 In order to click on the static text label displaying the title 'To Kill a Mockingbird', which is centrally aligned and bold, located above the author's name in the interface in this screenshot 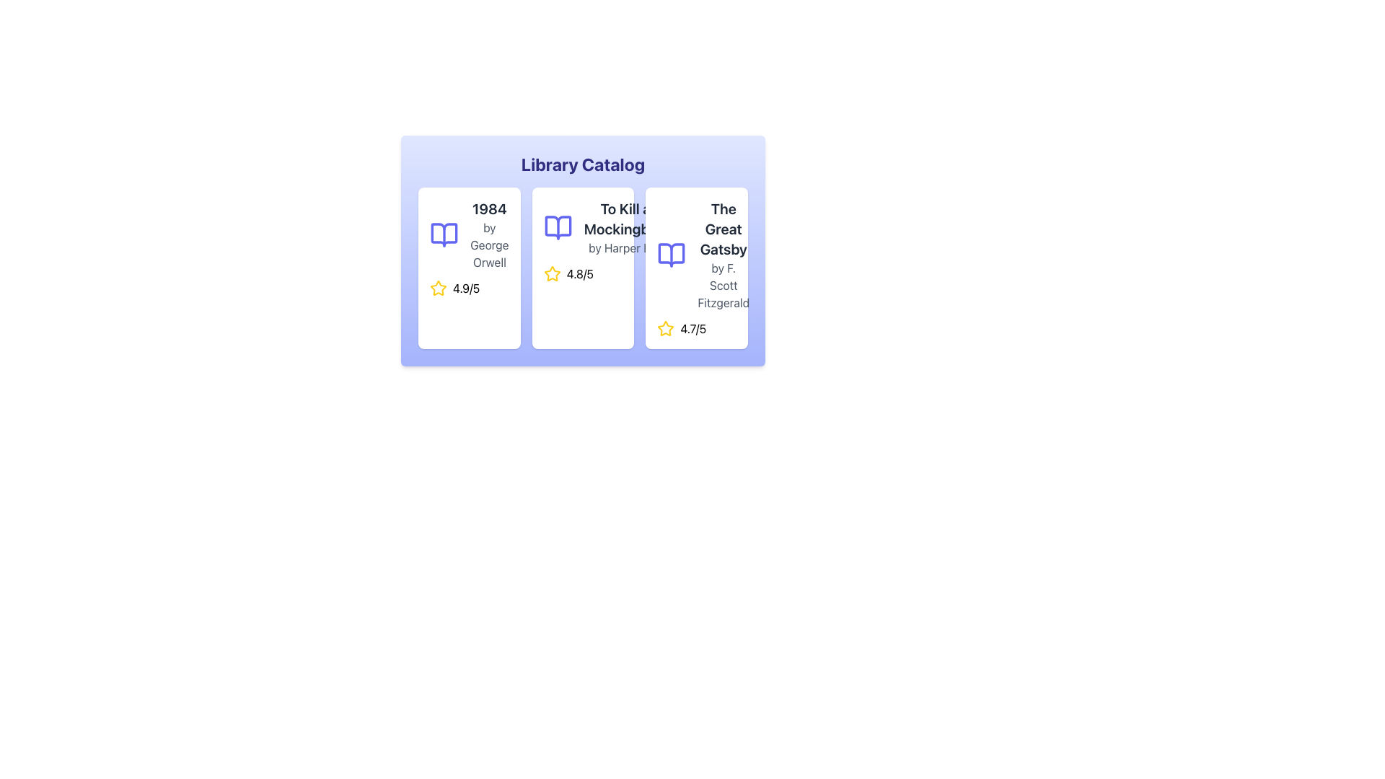, I will do `click(625, 219)`.